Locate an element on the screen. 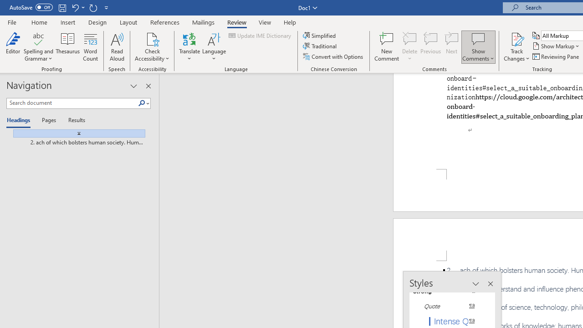 The height and width of the screenshot is (328, 583). 'Thesaurus...' is located at coordinates (67, 47).